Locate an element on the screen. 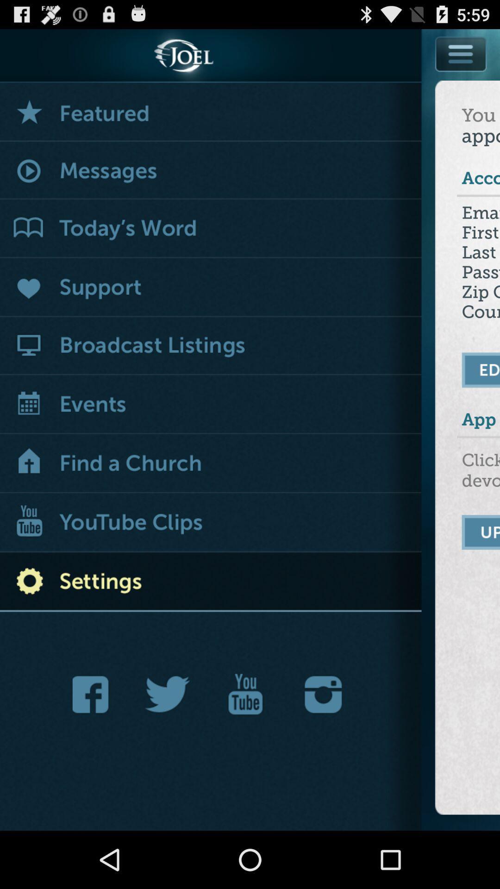 The width and height of the screenshot is (500, 889). twitter is located at coordinates (168, 694).